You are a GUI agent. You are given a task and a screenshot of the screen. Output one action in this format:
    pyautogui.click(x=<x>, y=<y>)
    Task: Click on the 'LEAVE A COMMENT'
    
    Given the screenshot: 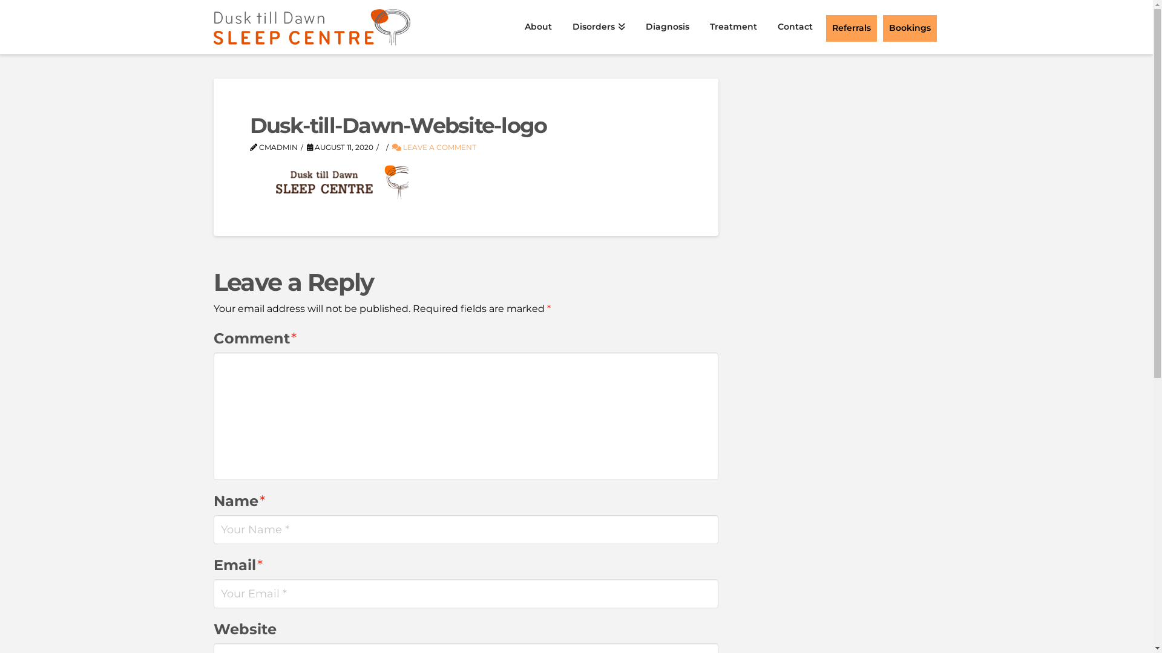 What is the action you would take?
    pyautogui.click(x=434, y=146)
    